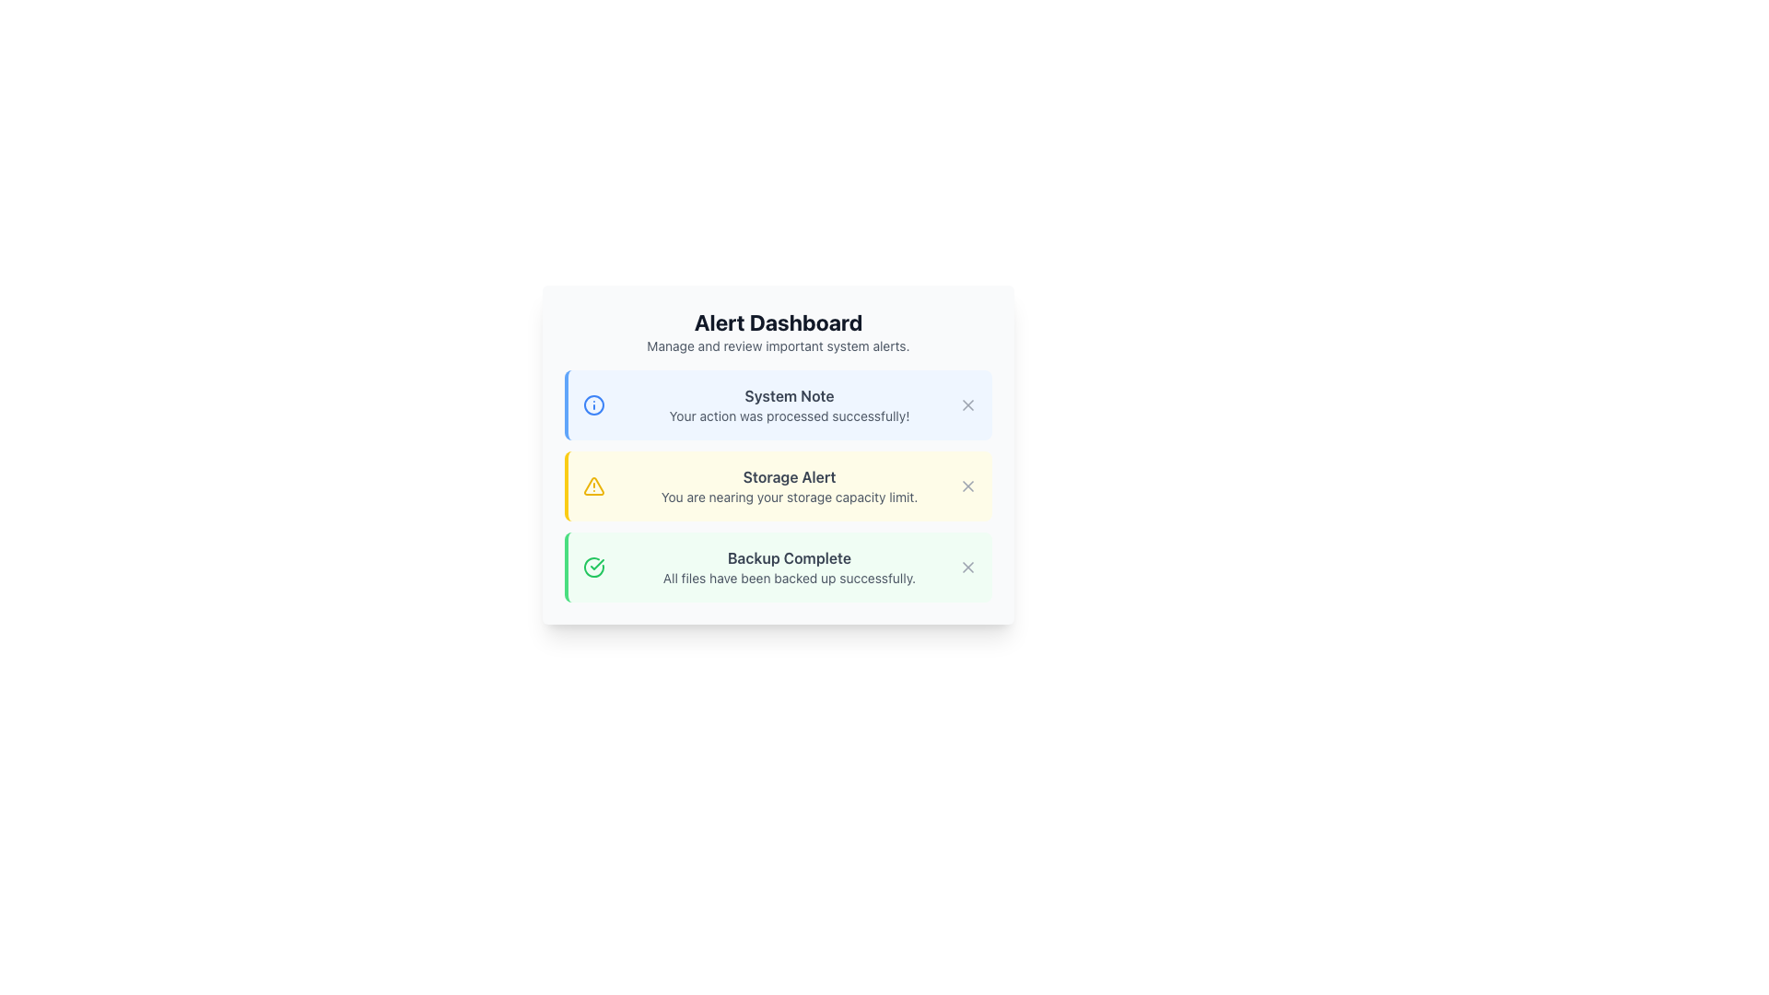  I want to click on text from the Text Block located at the upper portion of a rounded, shadowed card with a gray background, which serves as a title and brief description for the card, so click(778, 330).